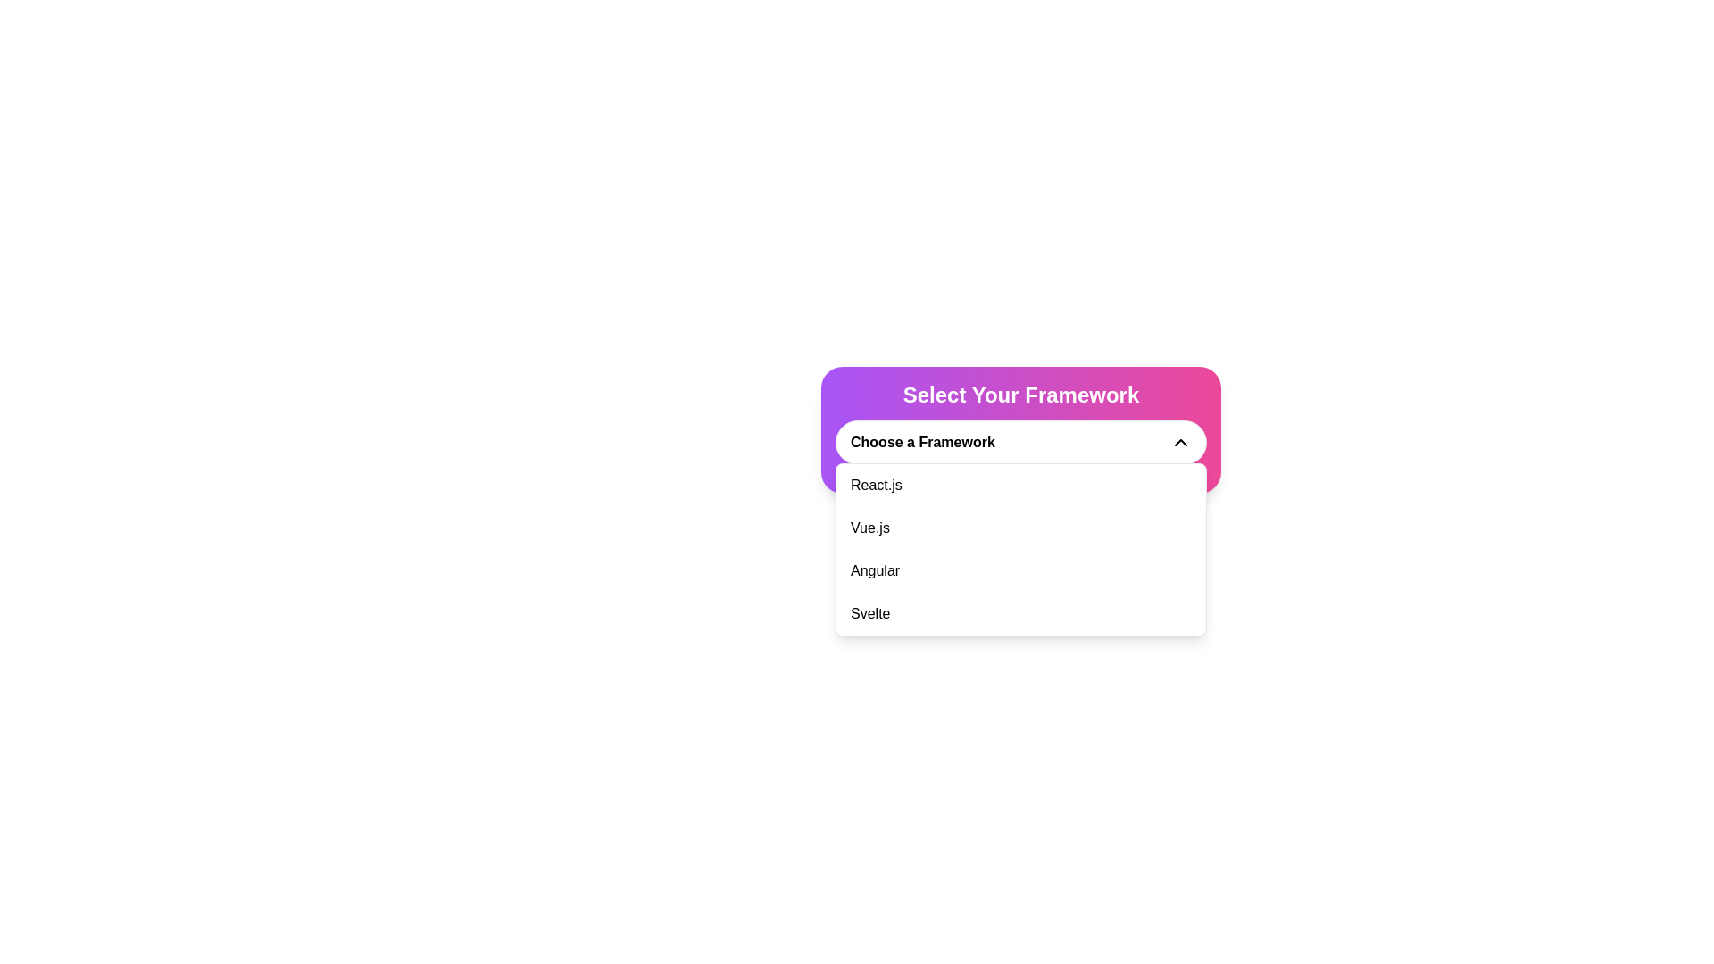 Image resolution: width=1714 pixels, height=964 pixels. Describe the element at coordinates (1020, 571) in the screenshot. I see `the third selectable option in the list, which is the item labeled 'Angular'` at that location.